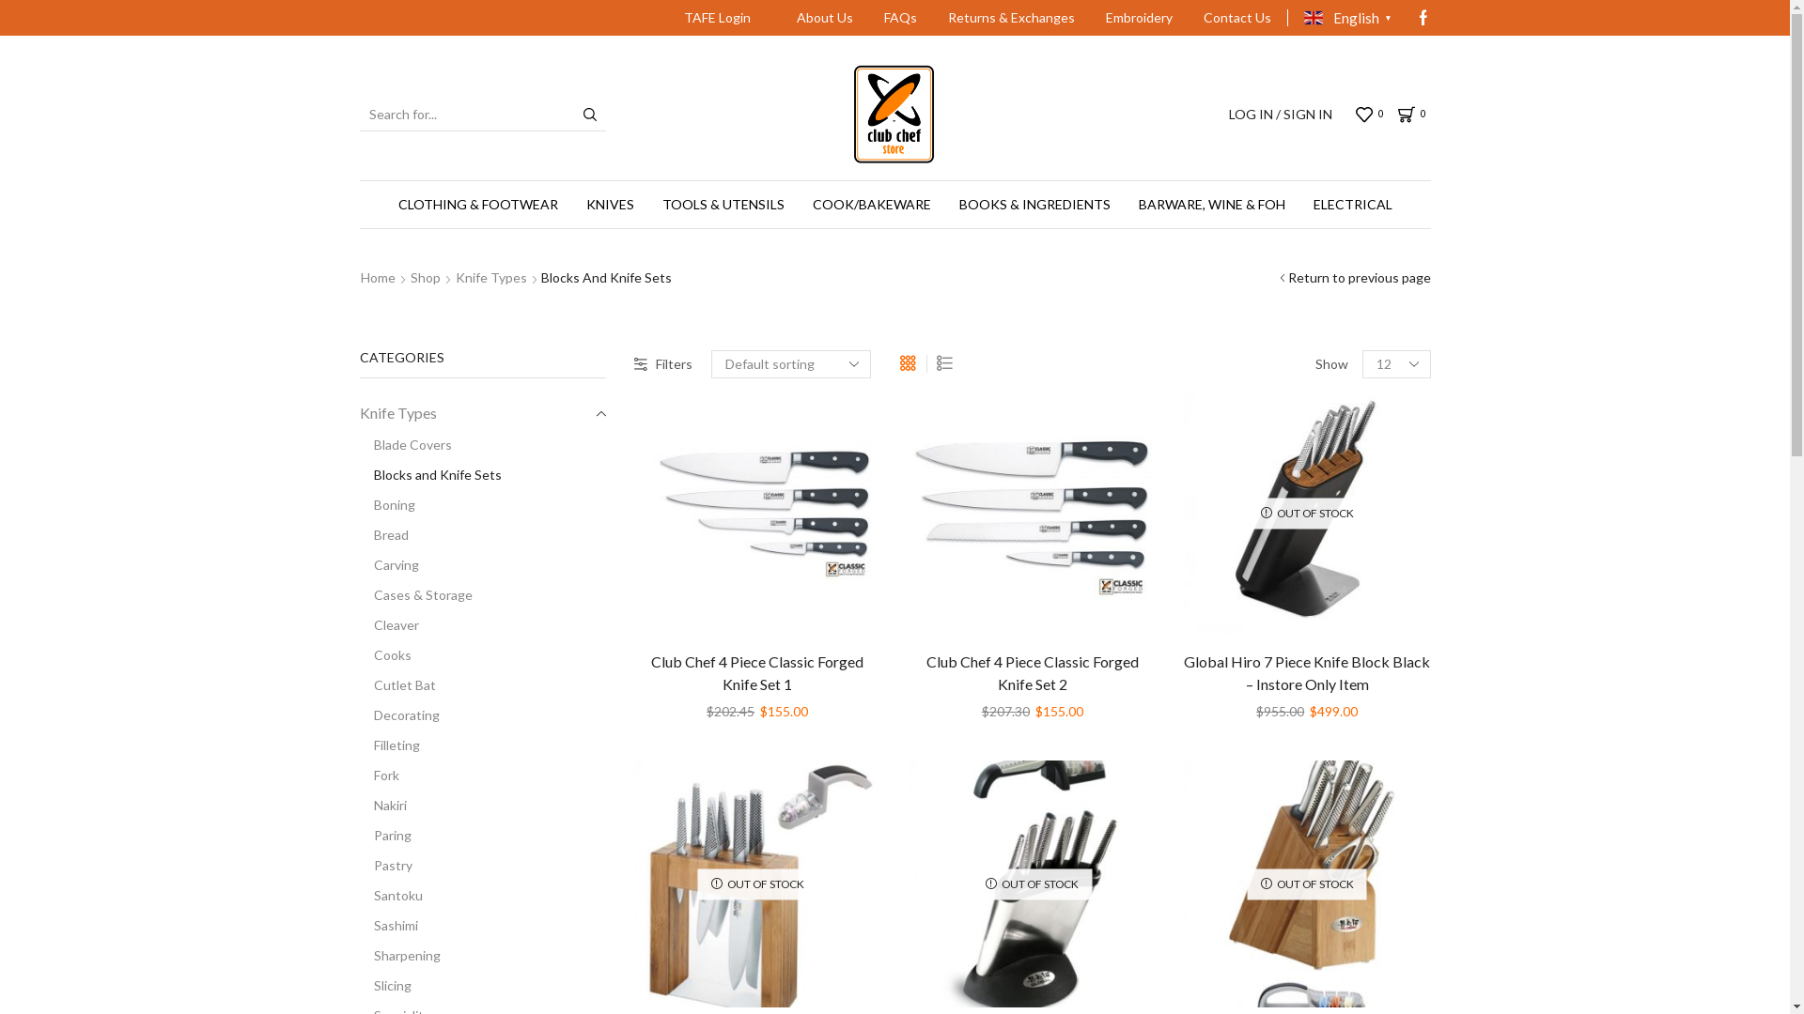 The image size is (1804, 1014). Describe the element at coordinates (1189, 18) in the screenshot. I see `'Contact Us'` at that location.